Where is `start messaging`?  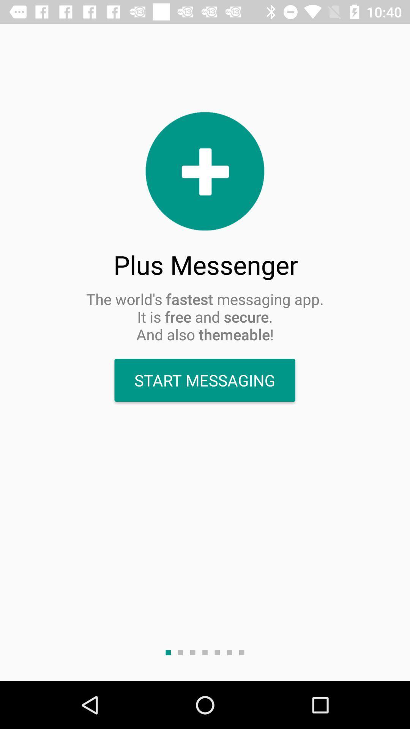 start messaging is located at coordinates (204, 380).